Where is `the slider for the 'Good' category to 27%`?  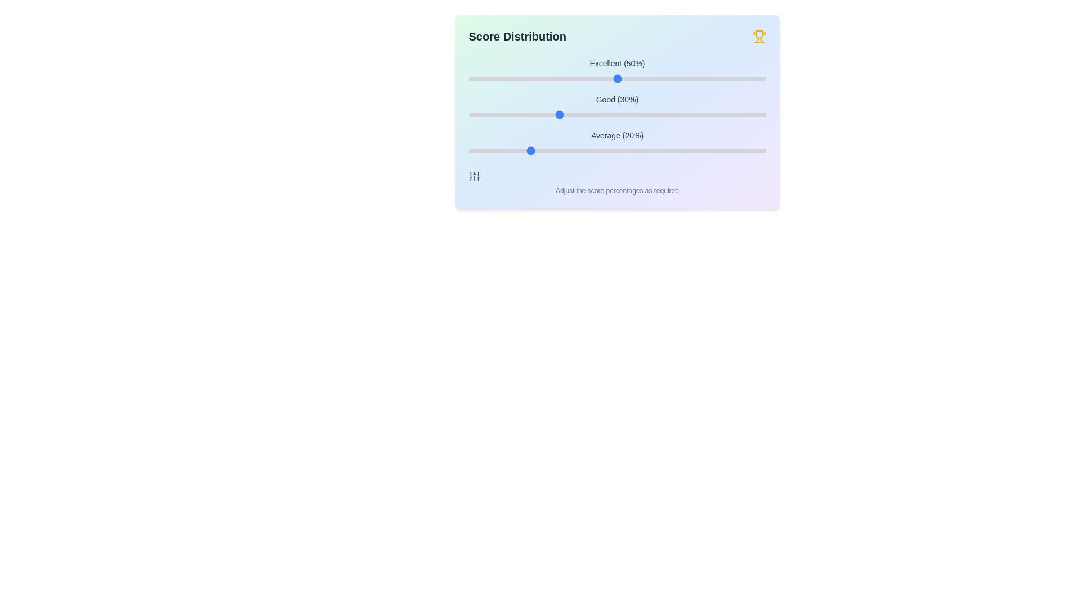 the slider for the 'Good' category to 27% is located at coordinates (548, 115).